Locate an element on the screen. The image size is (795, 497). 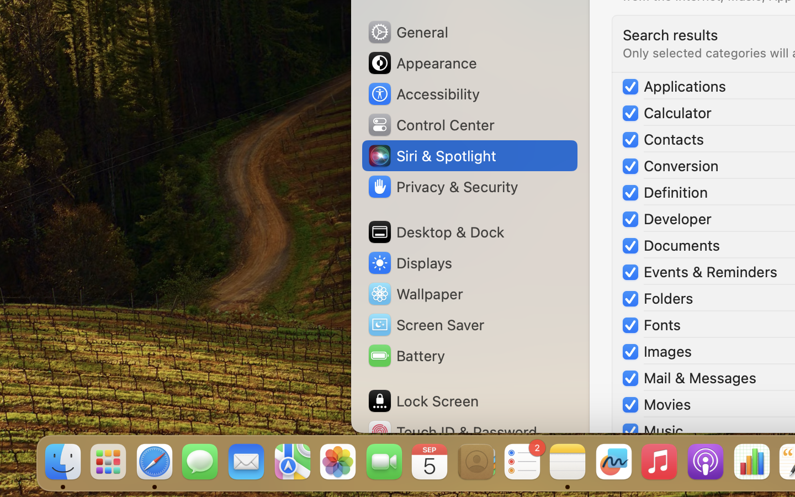
'Touch ID & Password' is located at coordinates (452, 431).